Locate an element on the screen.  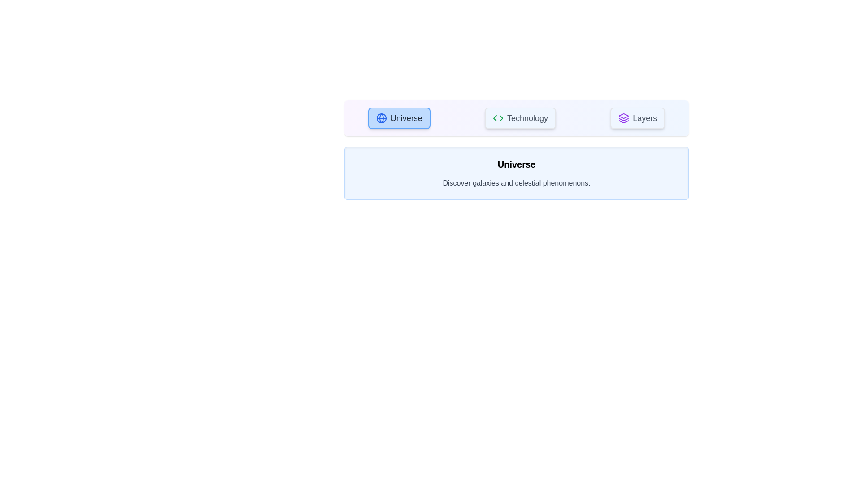
the 'Technology' tab to switch to its content is located at coordinates (520, 117).